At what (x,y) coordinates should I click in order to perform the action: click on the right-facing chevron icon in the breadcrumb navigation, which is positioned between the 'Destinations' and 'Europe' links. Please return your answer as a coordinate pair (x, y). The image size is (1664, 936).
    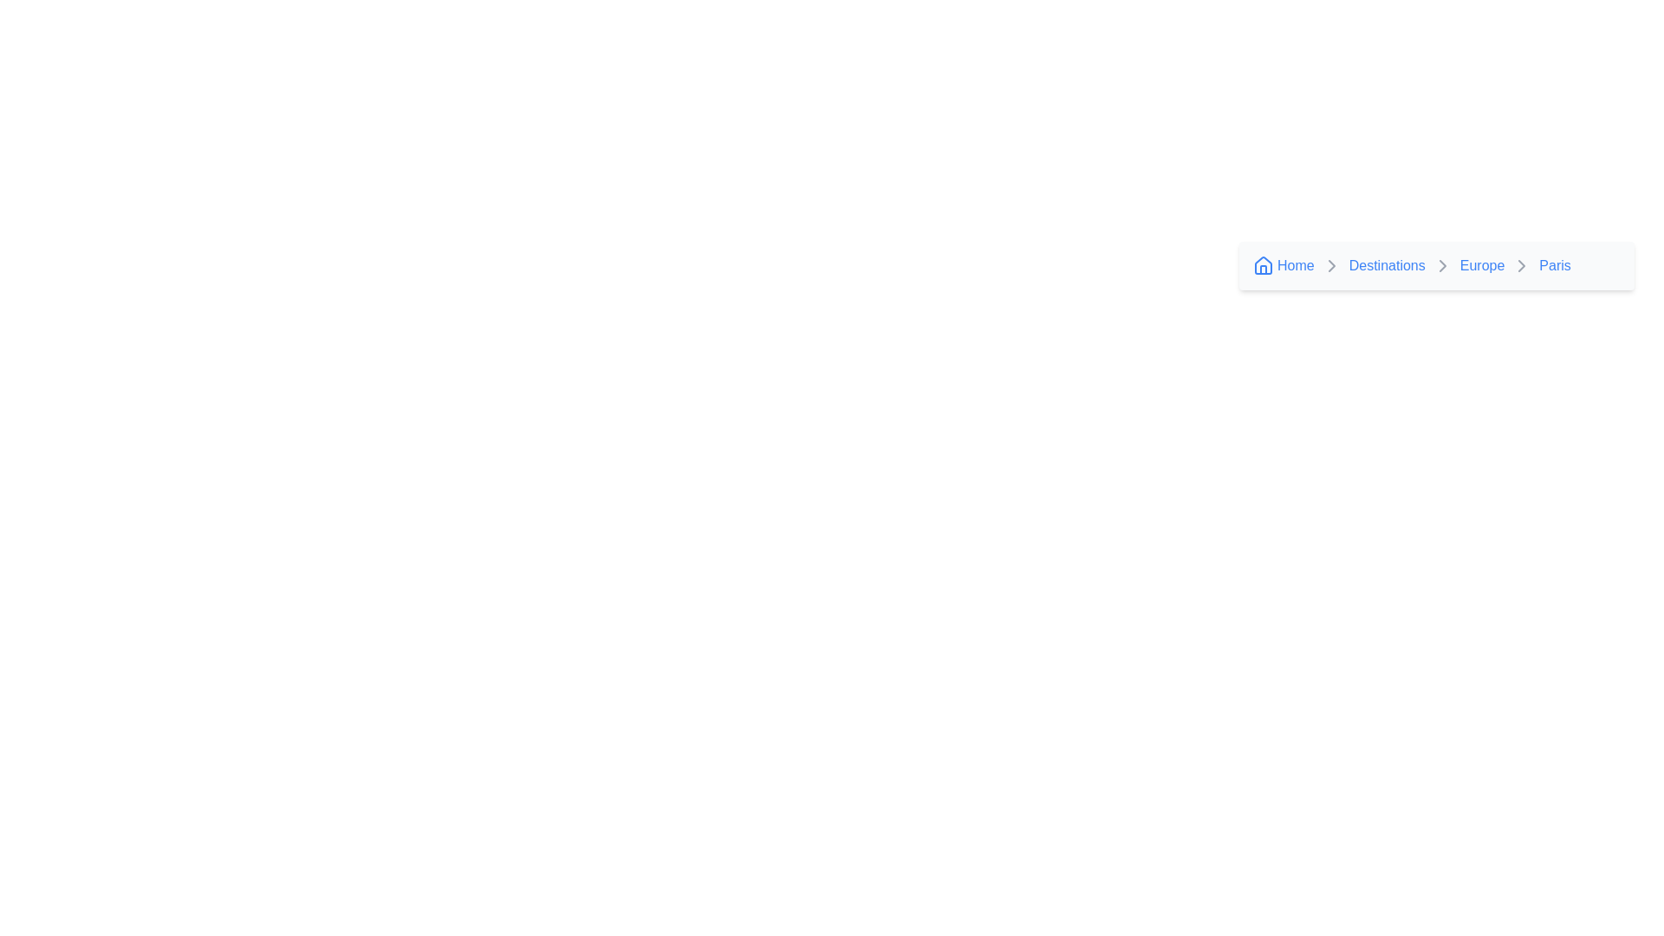
    Looking at the image, I should click on (1442, 266).